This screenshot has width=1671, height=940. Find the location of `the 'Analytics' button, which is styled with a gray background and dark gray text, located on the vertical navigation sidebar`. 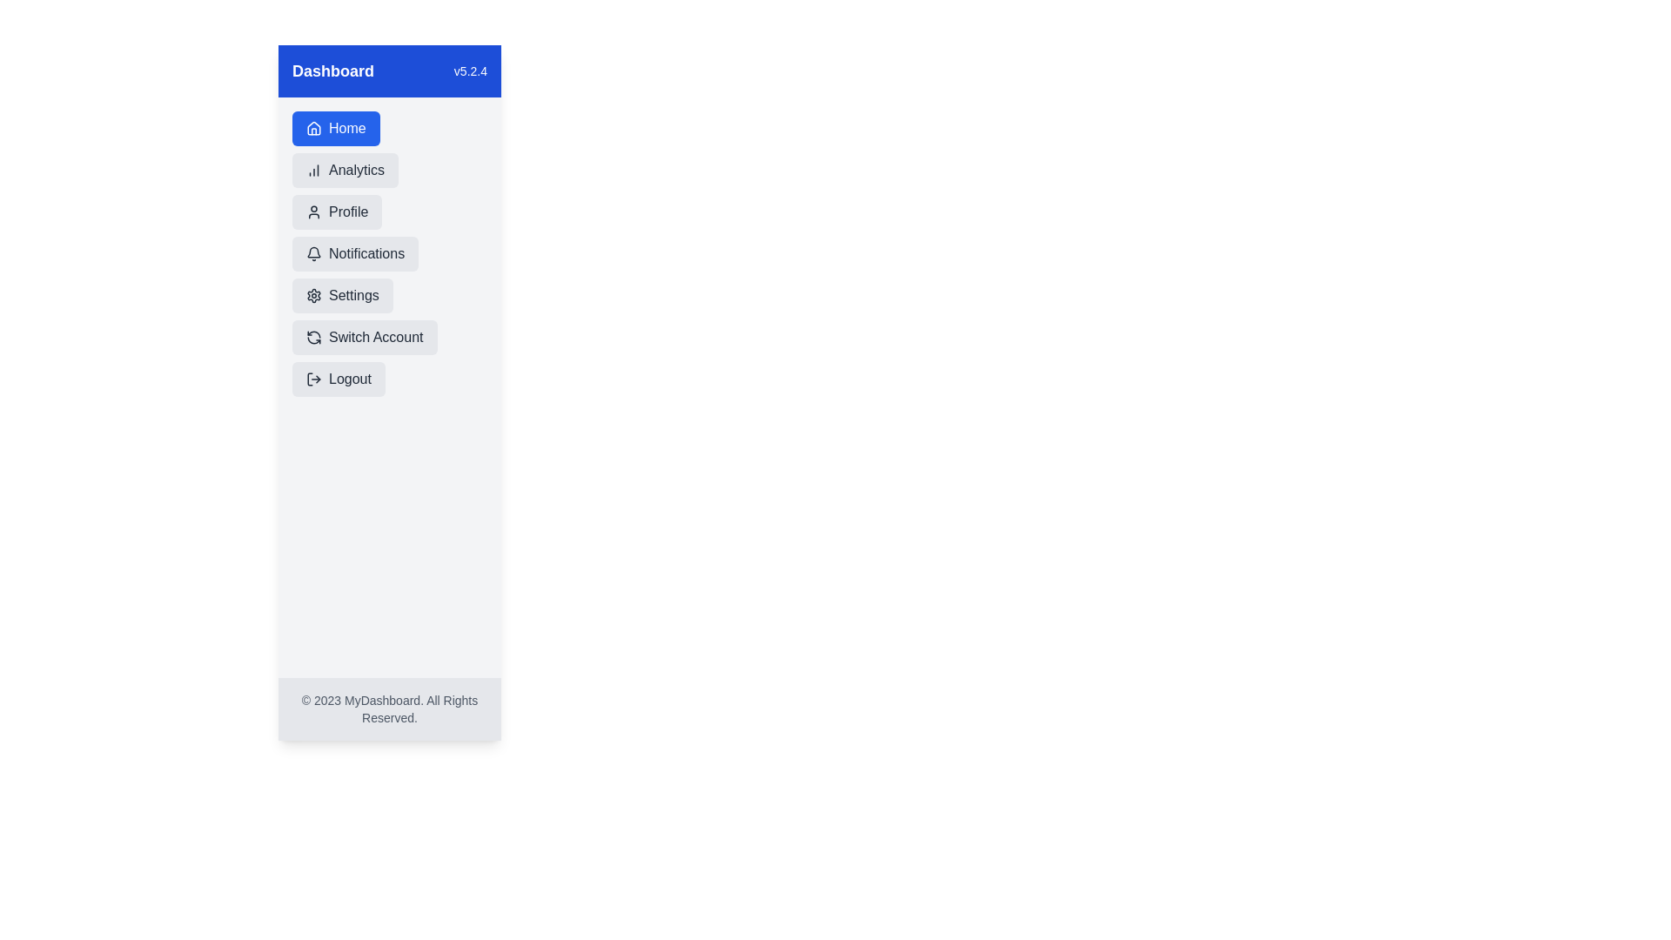

the 'Analytics' button, which is styled with a gray background and dark gray text, located on the vertical navigation sidebar is located at coordinates (346, 171).